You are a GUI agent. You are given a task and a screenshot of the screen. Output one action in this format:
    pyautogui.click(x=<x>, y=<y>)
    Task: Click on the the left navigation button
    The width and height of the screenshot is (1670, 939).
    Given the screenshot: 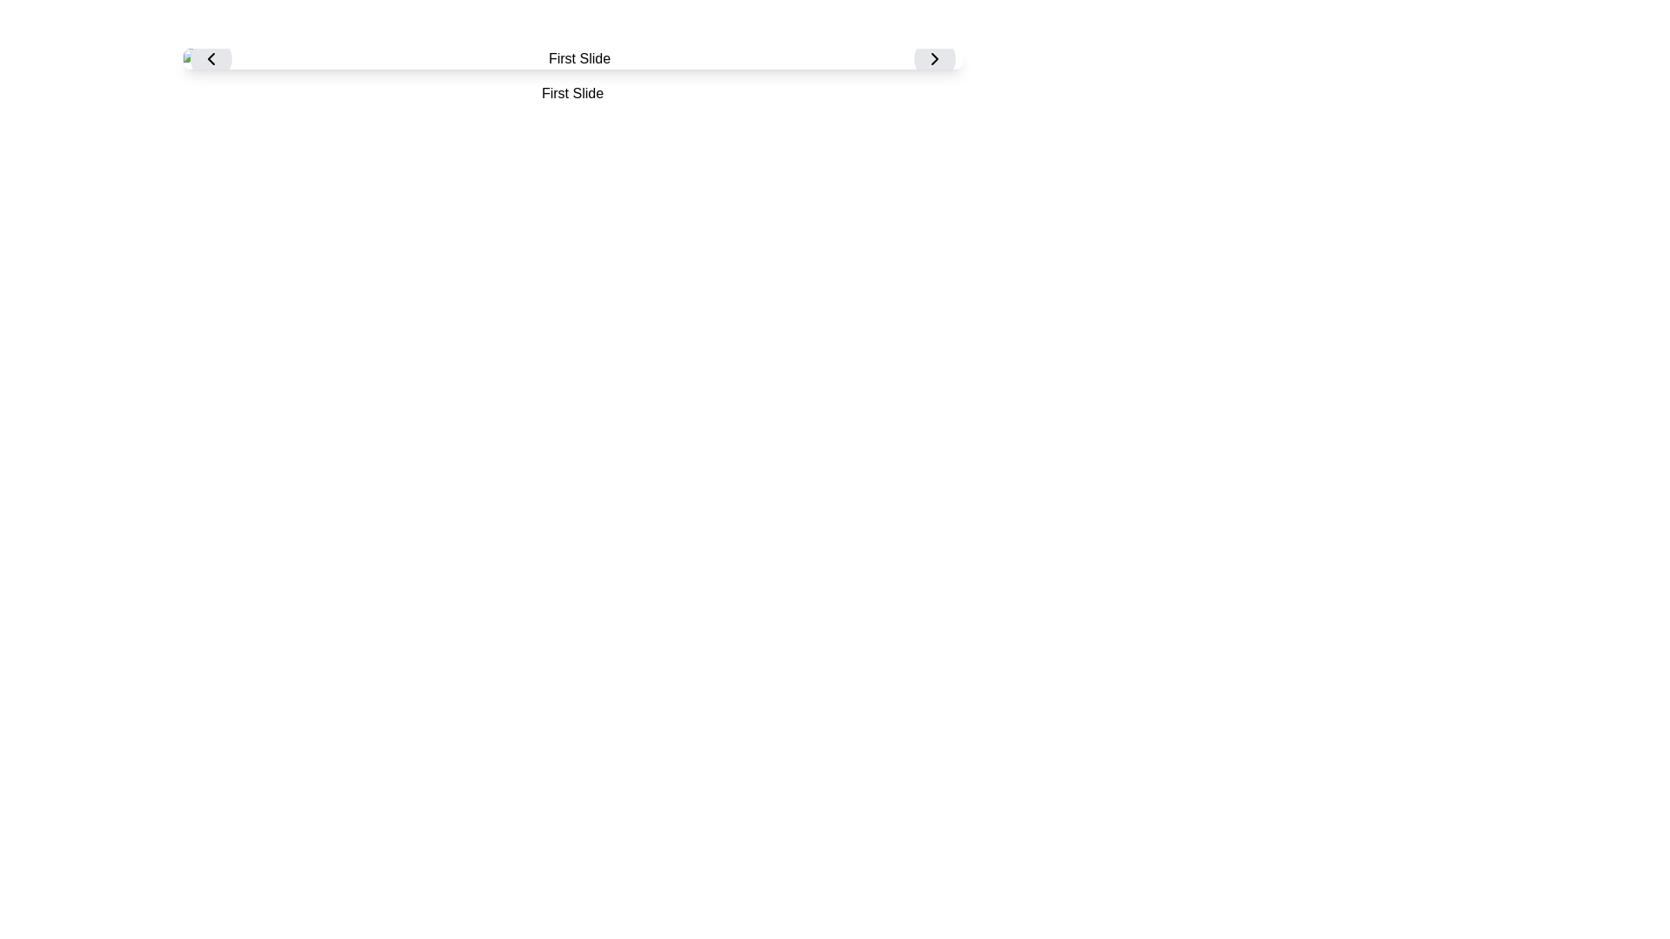 What is the action you would take?
    pyautogui.click(x=210, y=58)
    